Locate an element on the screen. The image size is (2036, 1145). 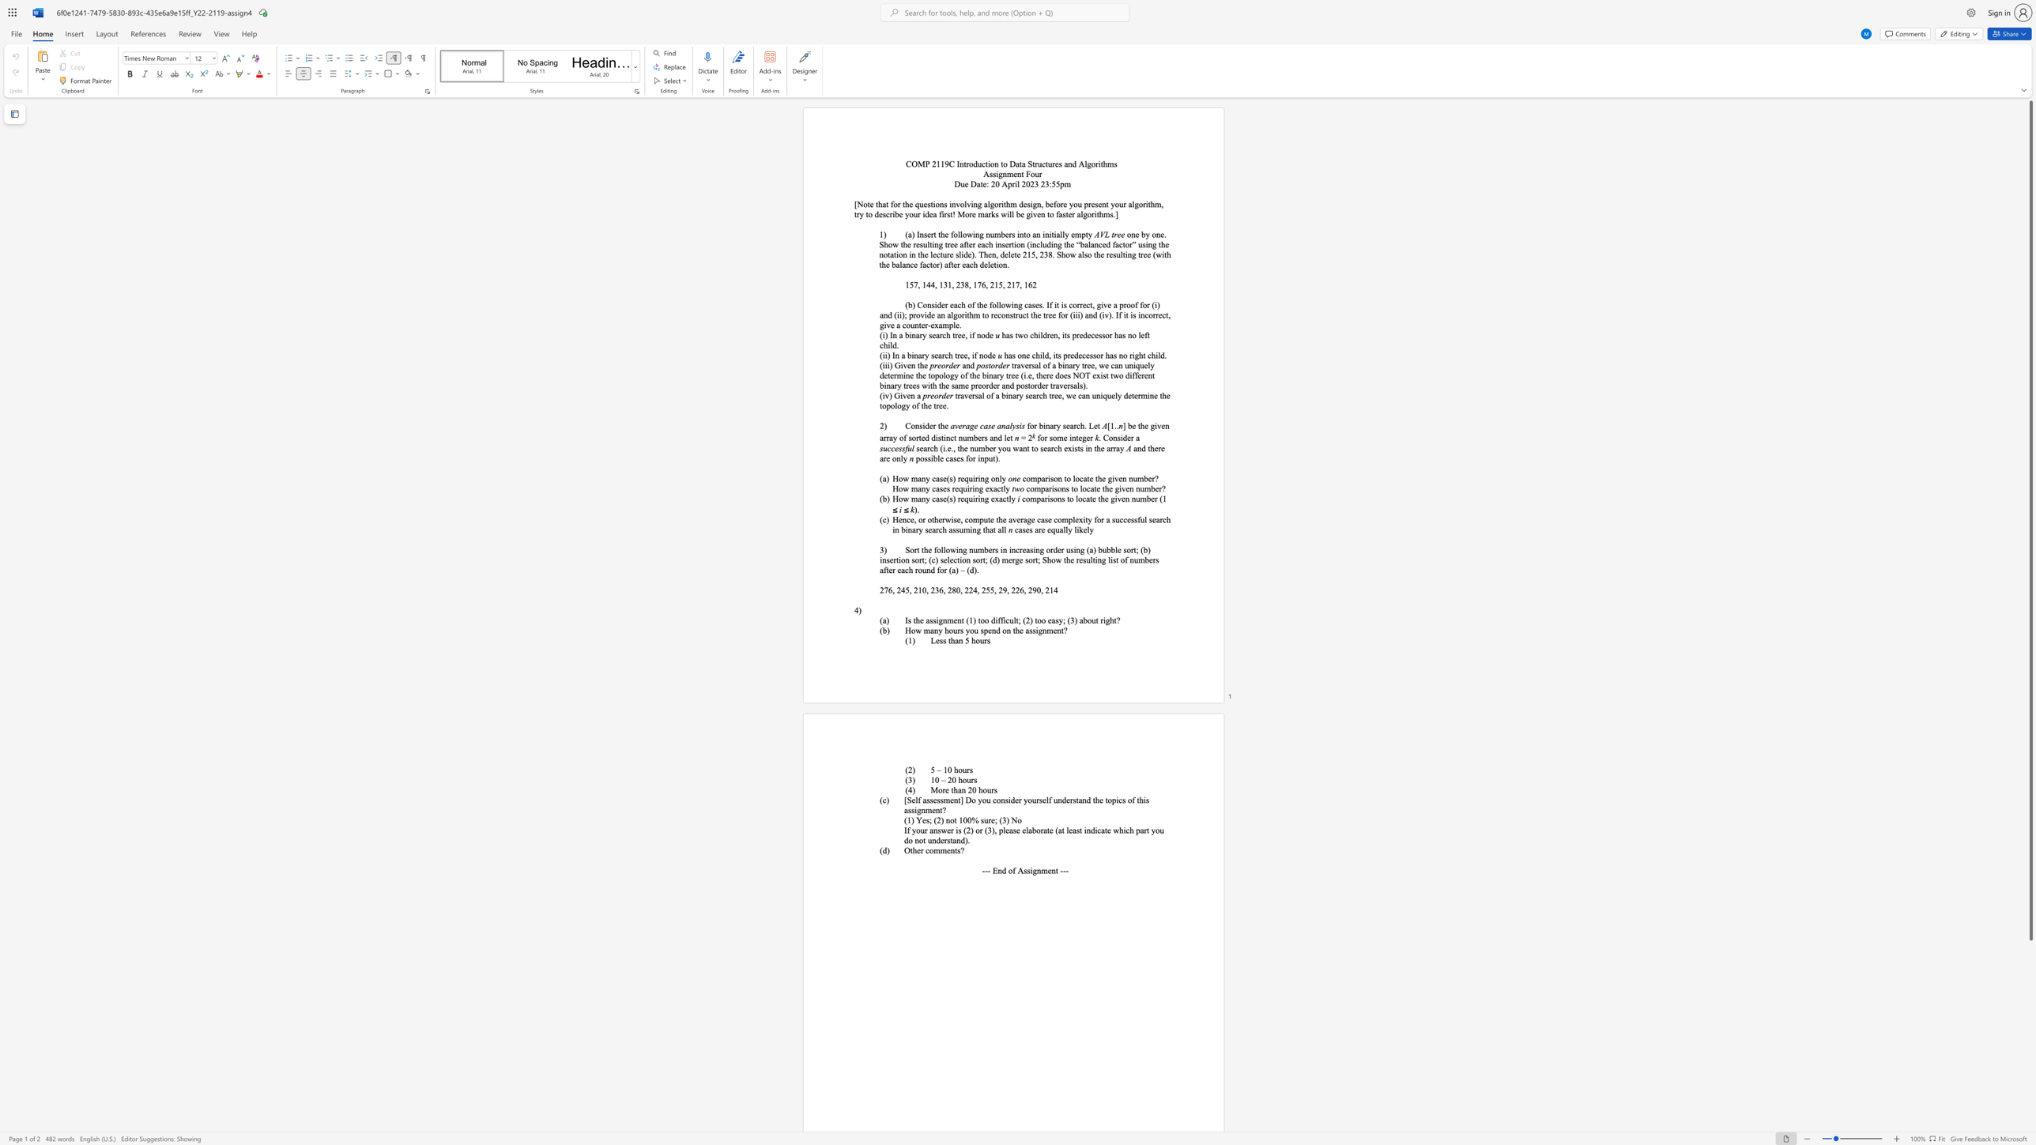
the 1th character "r" in the text is located at coordinates (1040, 173).